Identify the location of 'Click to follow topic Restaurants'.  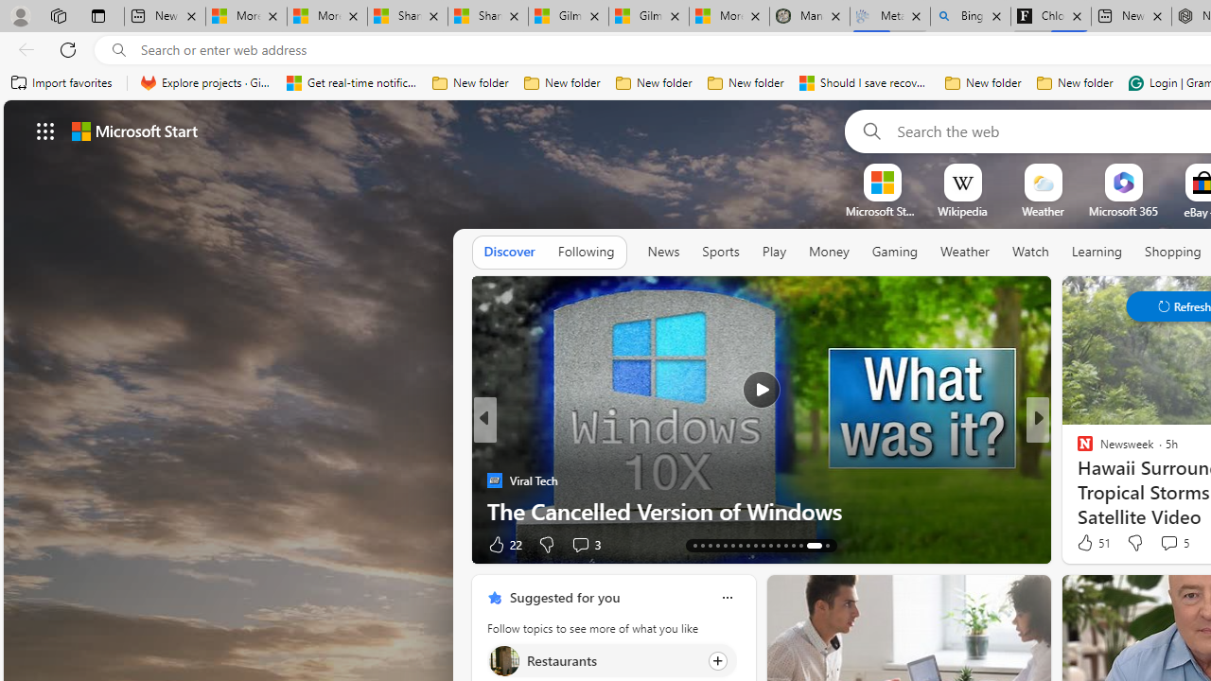
(612, 659).